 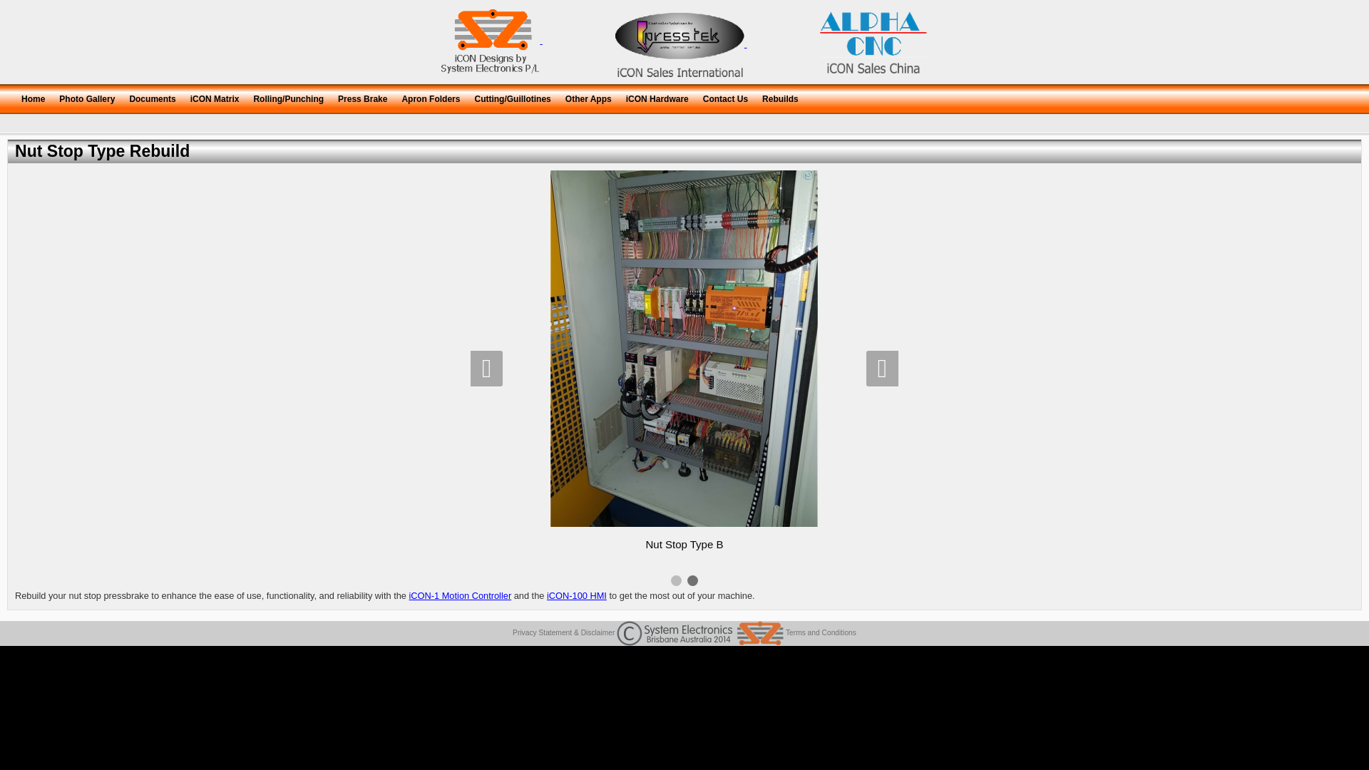 What do you see at coordinates (700, 632) in the screenshot?
I see `'SE Copyright'` at bounding box center [700, 632].